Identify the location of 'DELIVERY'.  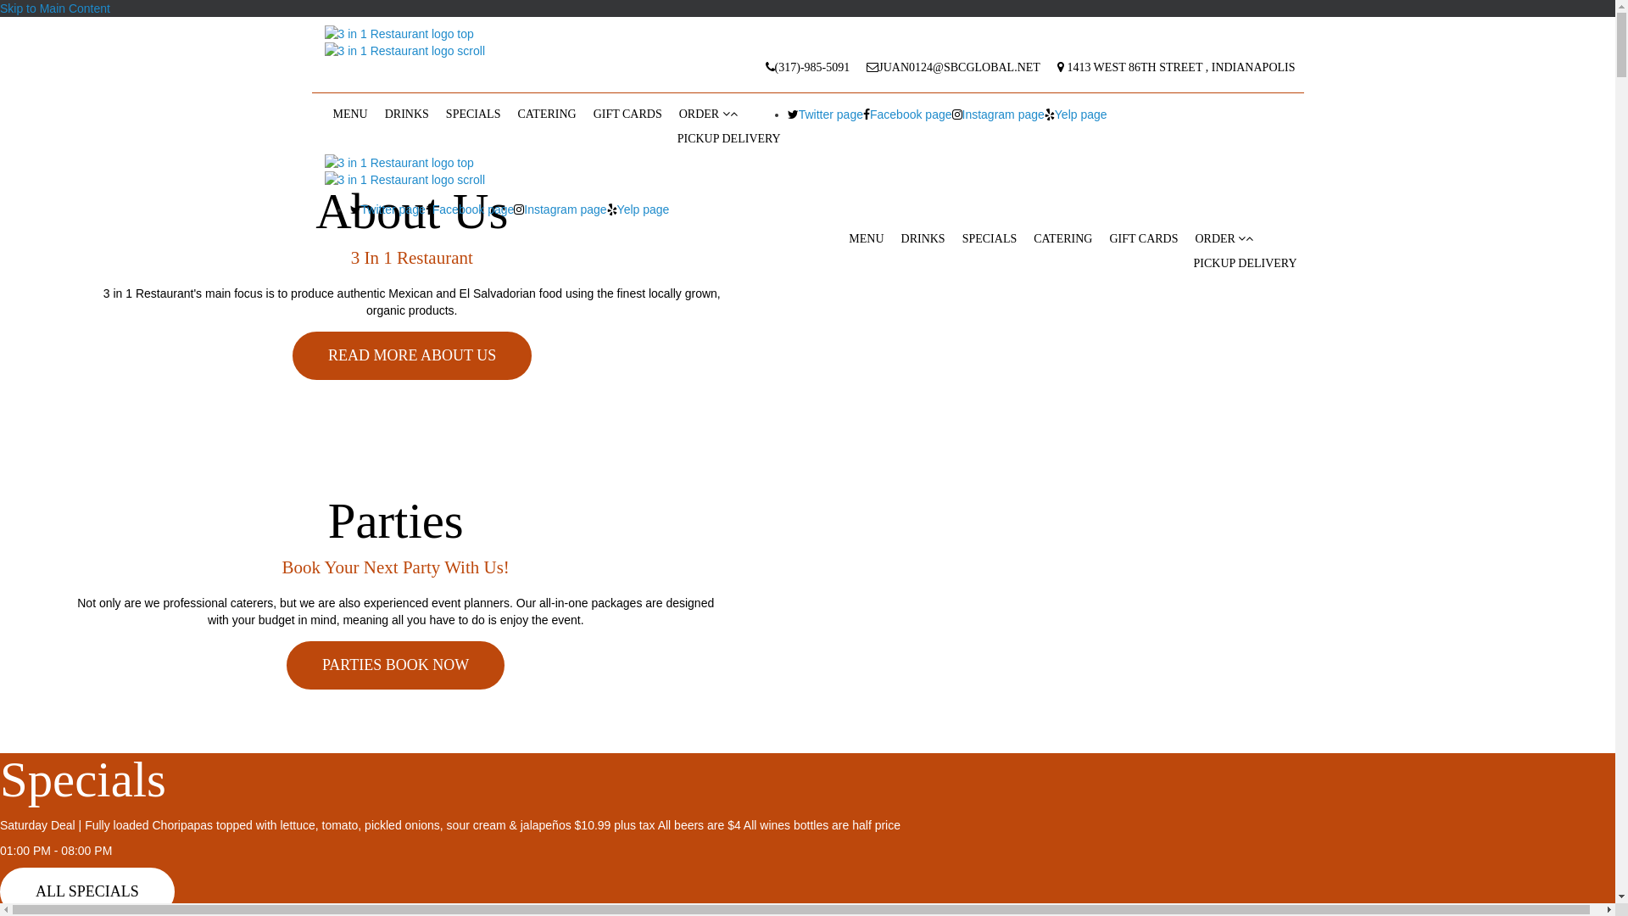
(722, 137).